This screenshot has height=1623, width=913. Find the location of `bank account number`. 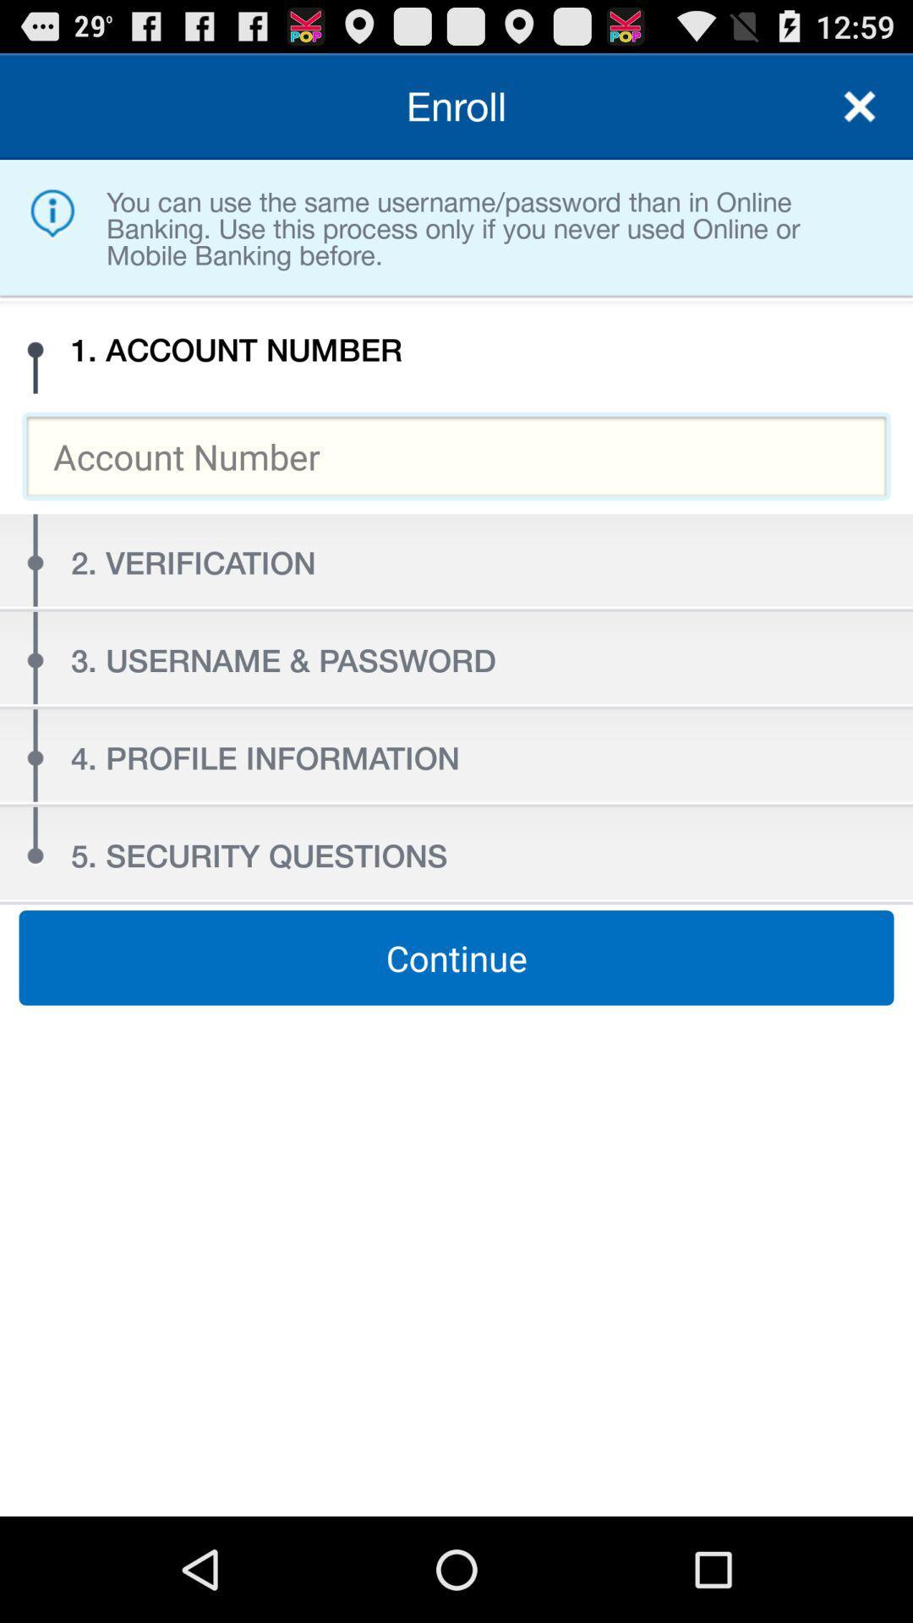

bank account number is located at coordinates (456, 456).